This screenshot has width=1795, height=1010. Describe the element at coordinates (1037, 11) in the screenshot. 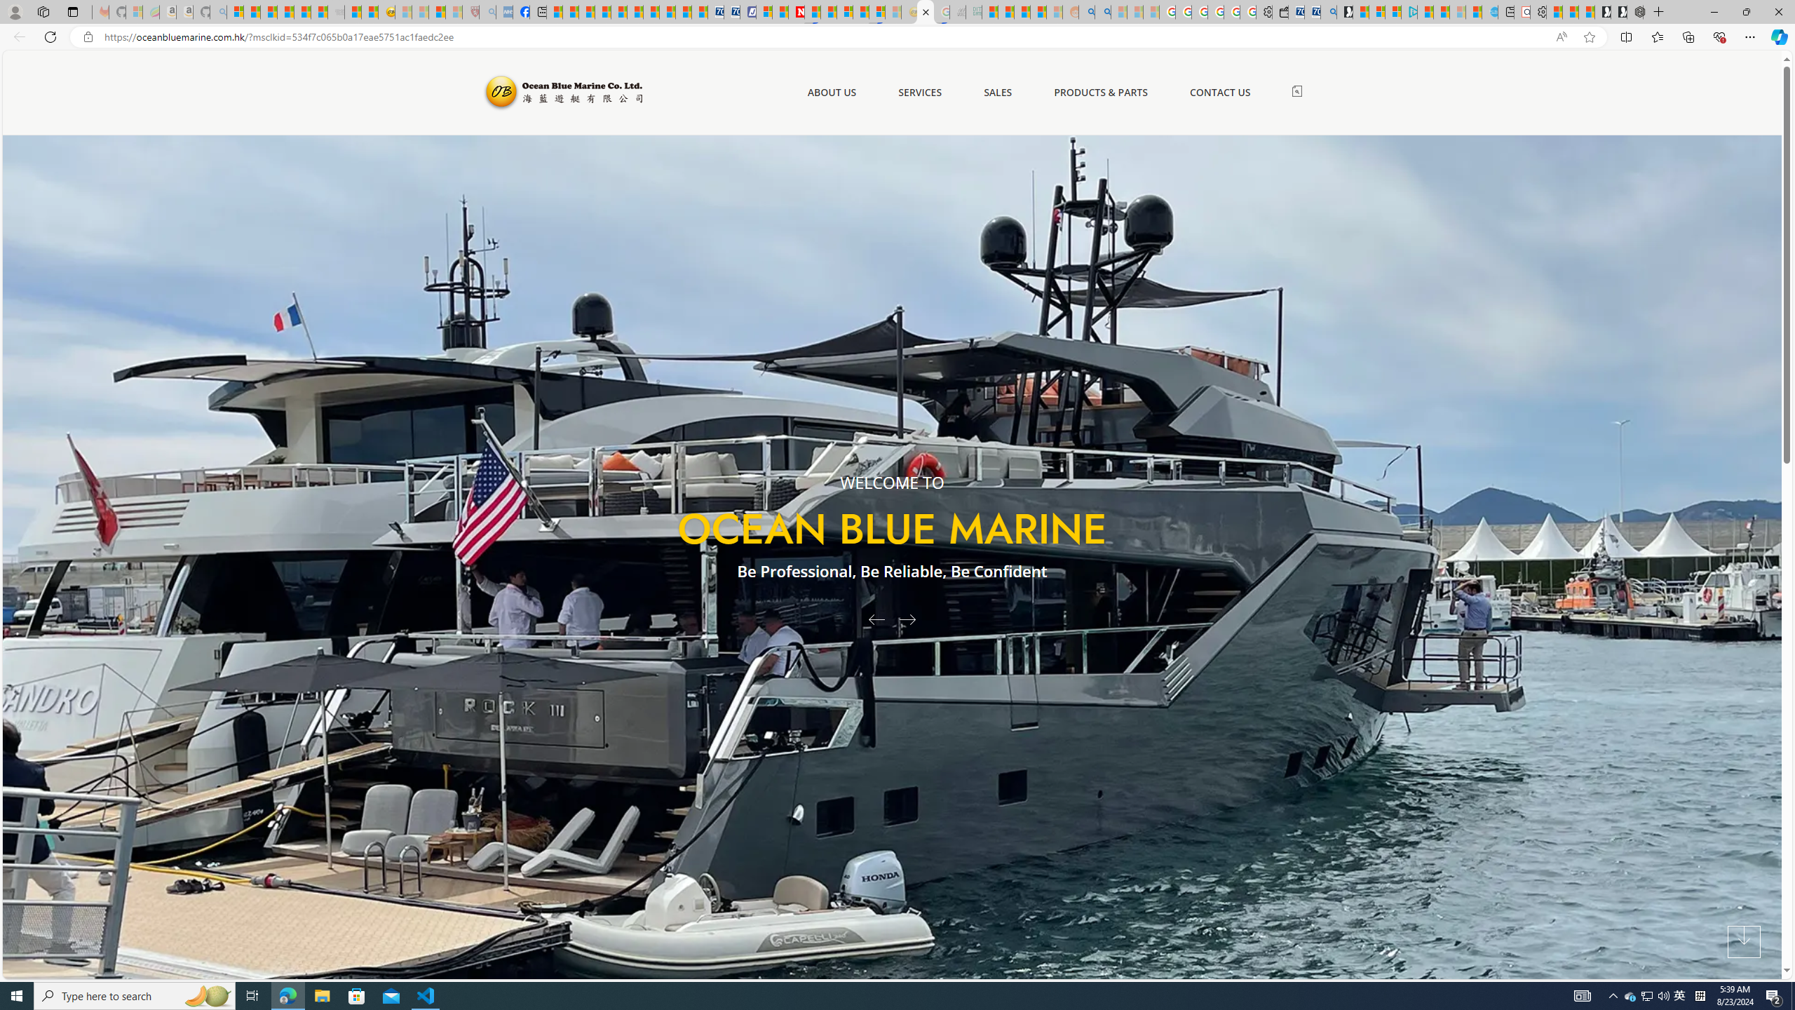

I see `'Student Loan Update: Forgiveness Program Ends This Month'` at that location.